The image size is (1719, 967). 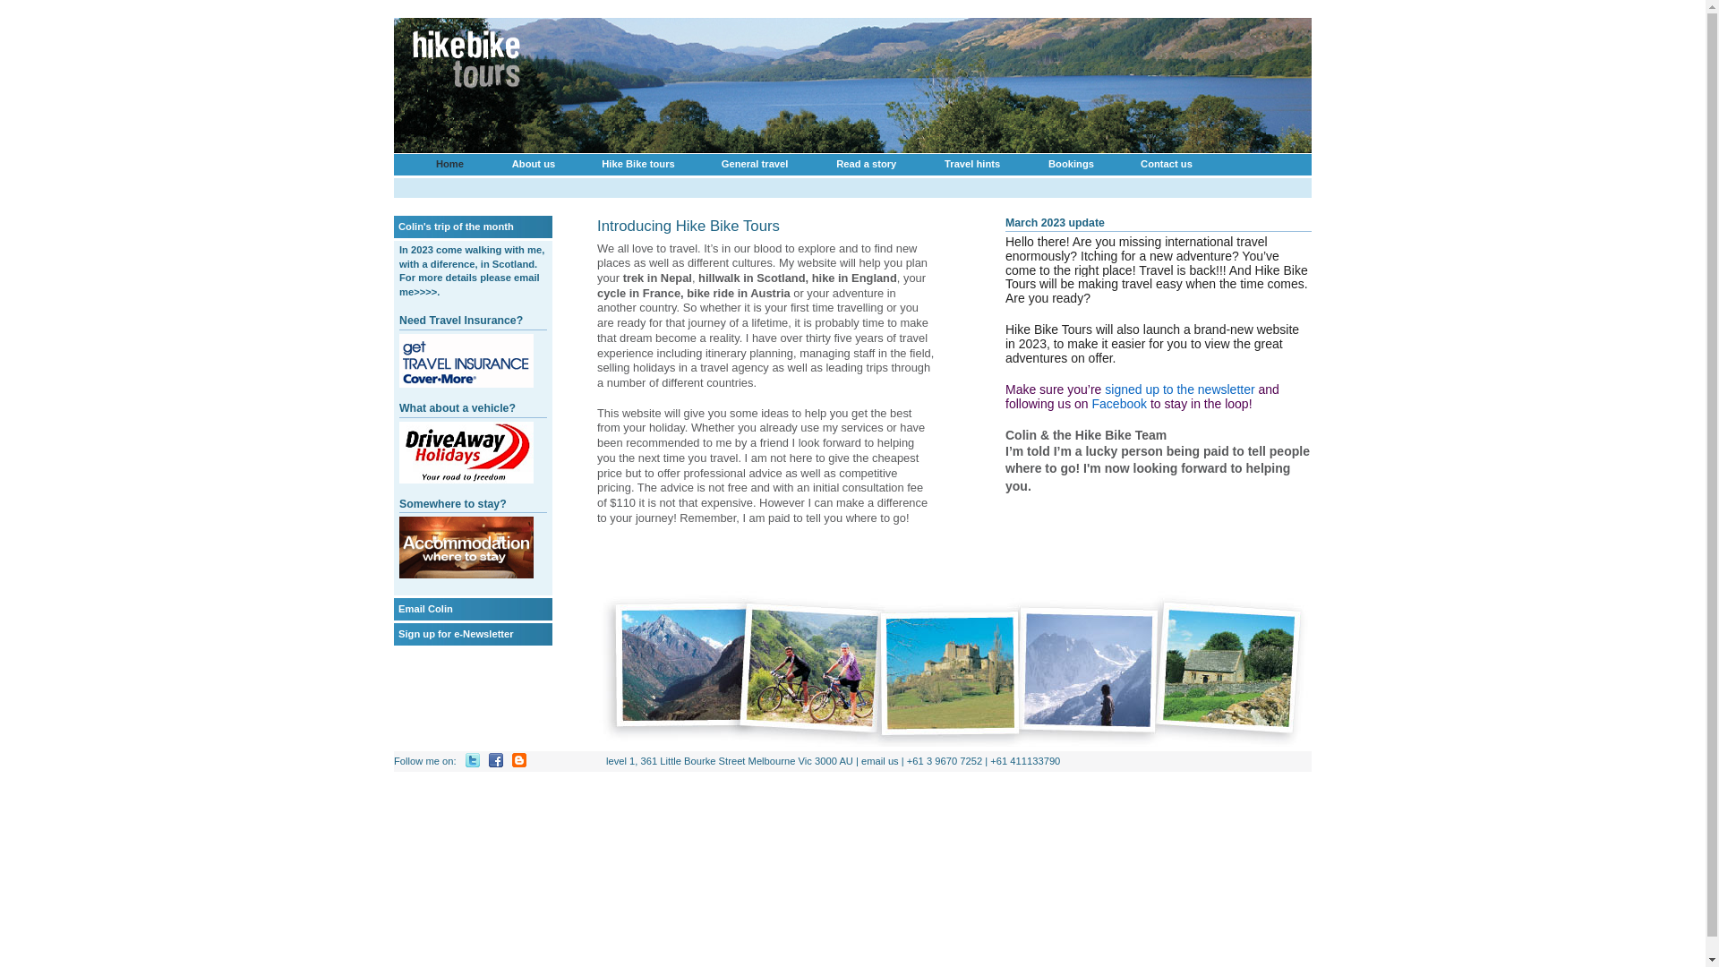 I want to click on 'Facebook', so click(x=1118, y=404).